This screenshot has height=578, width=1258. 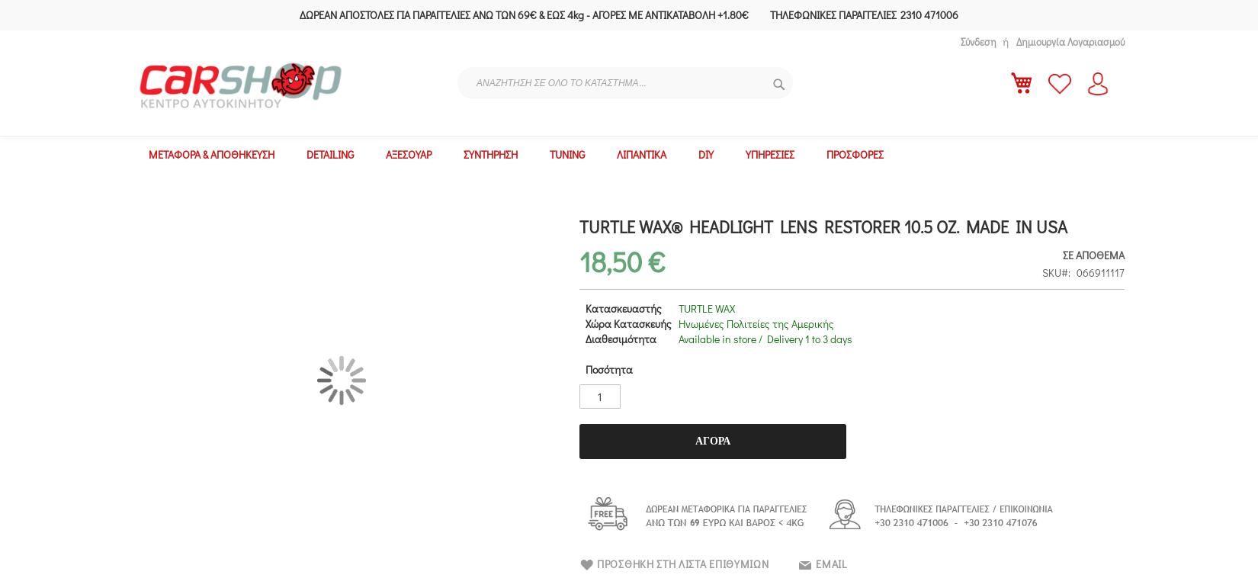 What do you see at coordinates (705, 307) in the screenshot?
I see `'TURTLE WAX'` at bounding box center [705, 307].